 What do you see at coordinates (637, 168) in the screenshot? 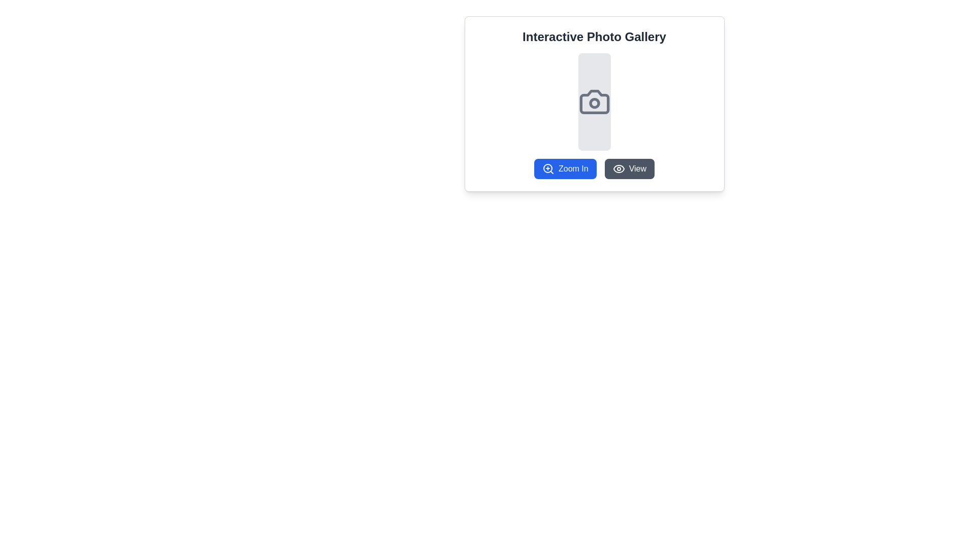
I see `the text label located within the button to the right of the 'Zoom In' button and to the left of an eye icon, which indicates its function` at bounding box center [637, 168].